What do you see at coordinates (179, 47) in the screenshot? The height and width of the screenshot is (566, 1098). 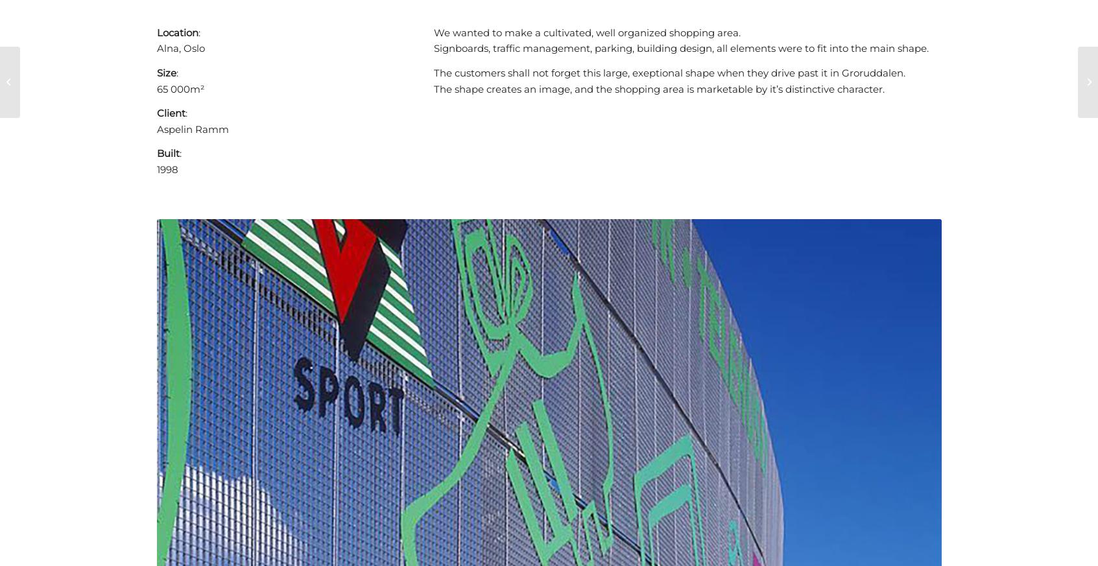 I see `'Alna, Oslo'` at bounding box center [179, 47].